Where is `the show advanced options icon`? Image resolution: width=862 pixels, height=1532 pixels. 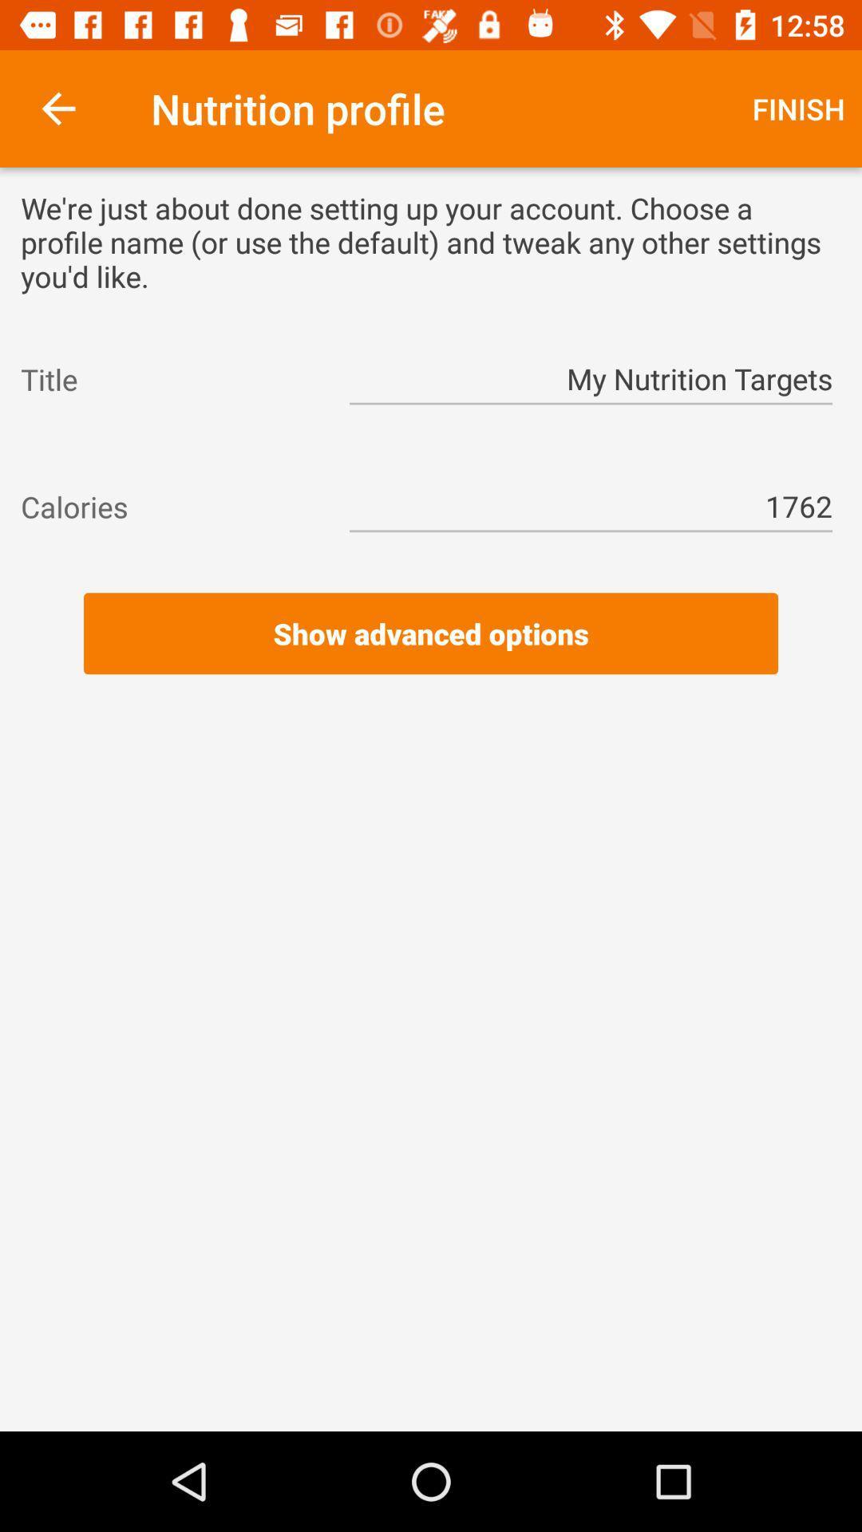 the show advanced options icon is located at coordinates (431, 633).